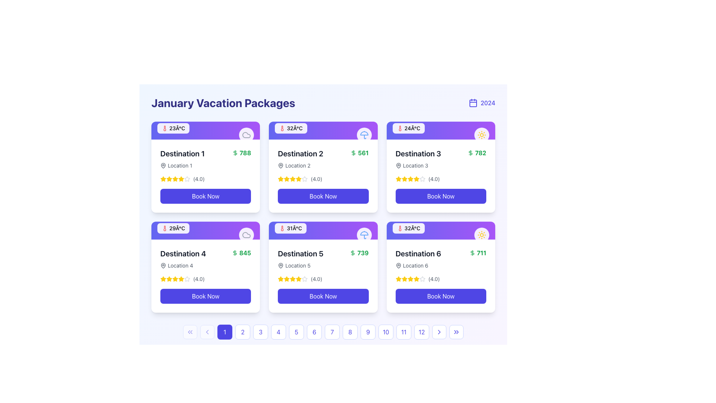 The height and width of the screenshot is (403, 716). Describe the element at coordinates (297, 165) in the screenshot. I see `the text label displaying 'Location 2' styled in gray text, located within the card labeled 'Destination 2' in the second column of the grid` at that location.